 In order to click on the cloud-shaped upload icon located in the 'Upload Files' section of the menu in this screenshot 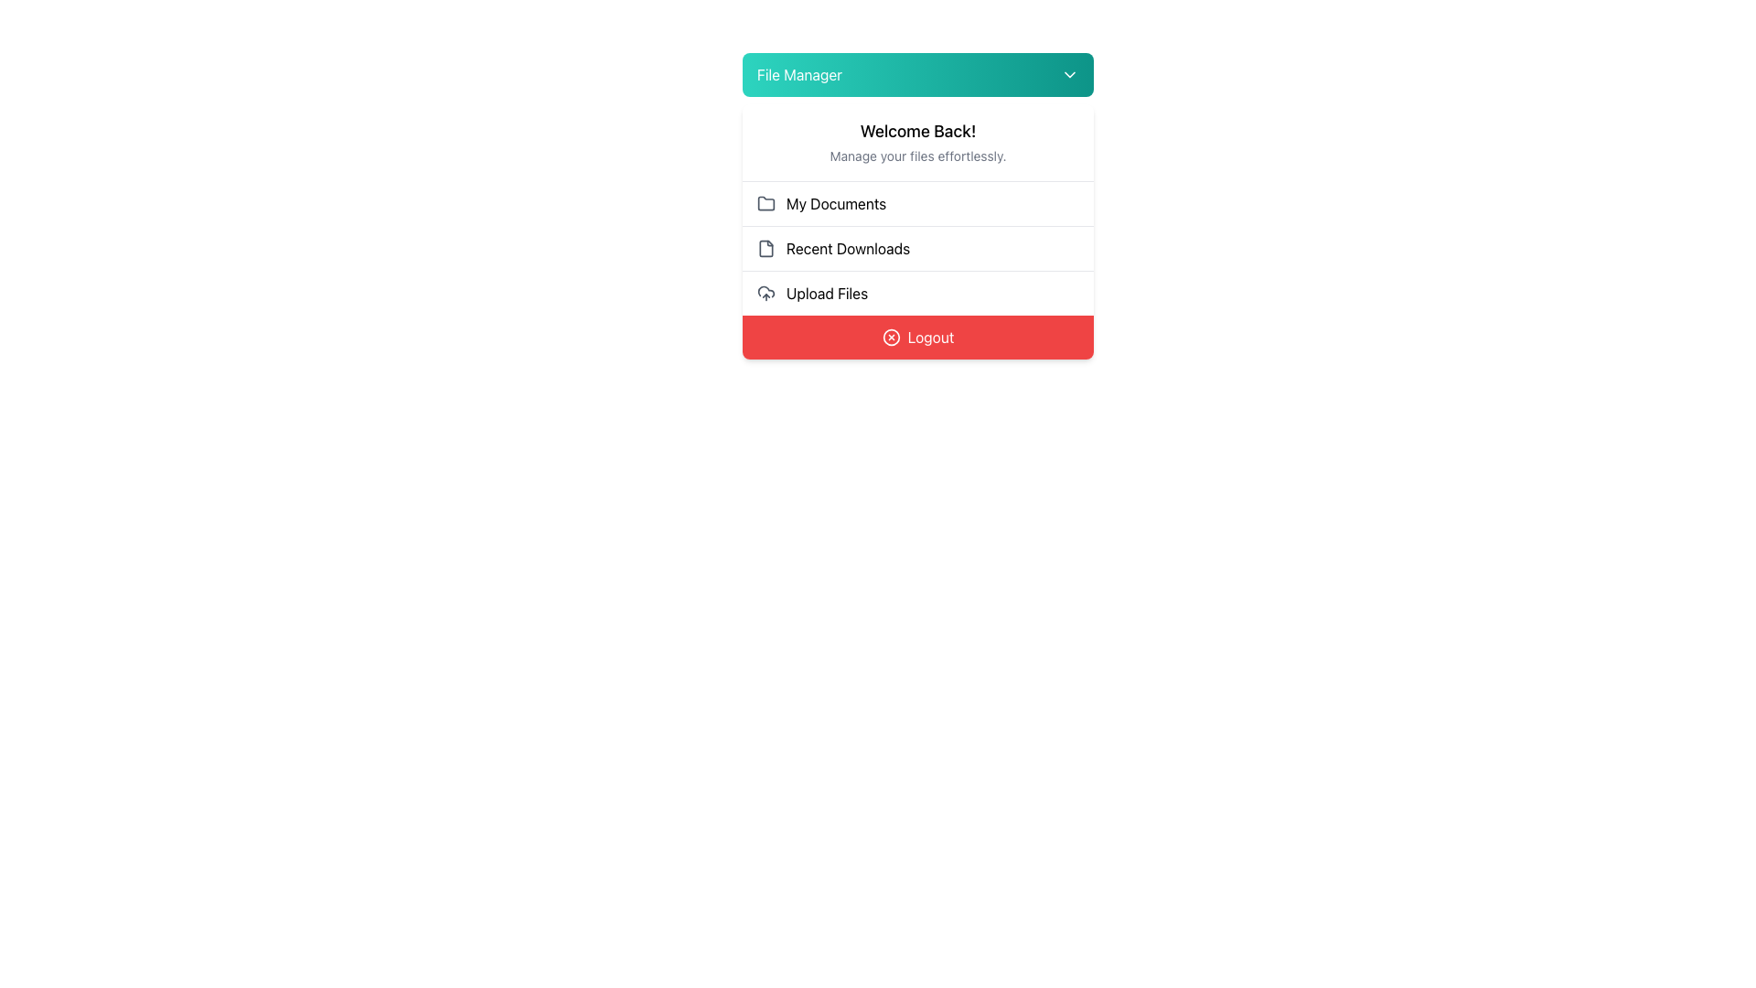, I will do `click(766, 291)`.